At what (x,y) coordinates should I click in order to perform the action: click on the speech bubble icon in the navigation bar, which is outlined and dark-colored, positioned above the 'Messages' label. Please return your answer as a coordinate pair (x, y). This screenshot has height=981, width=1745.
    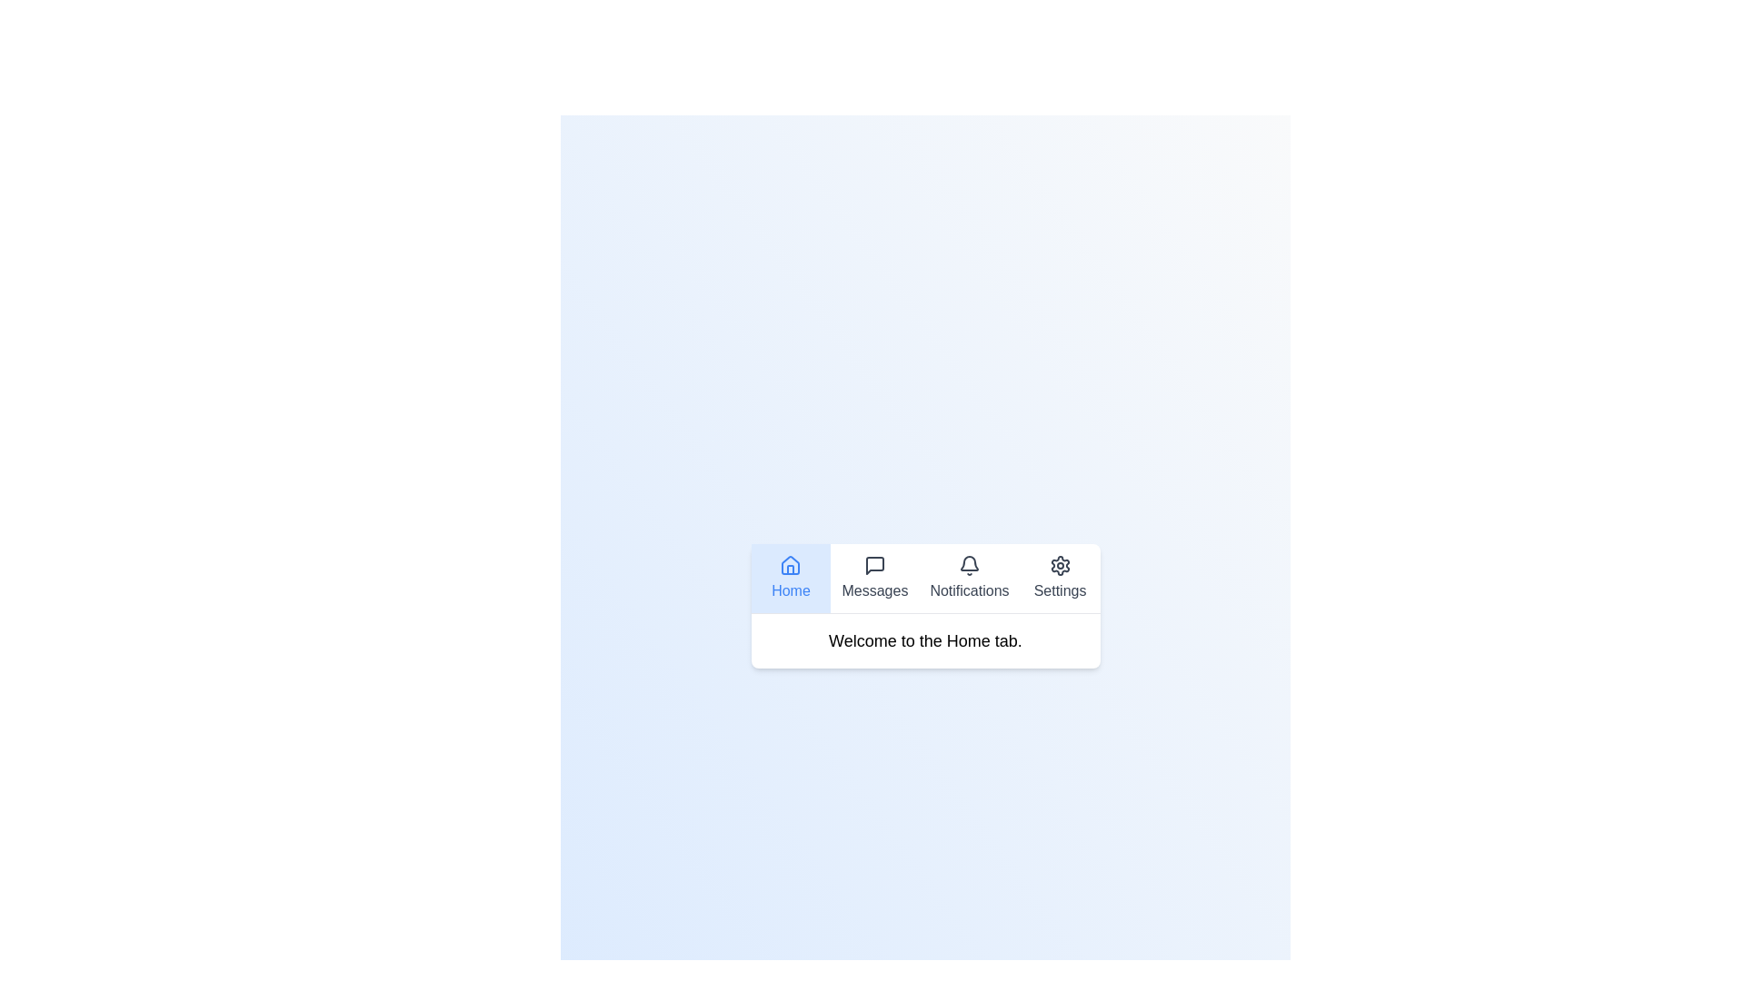
    Looking at the image, I should click on (874, 564).